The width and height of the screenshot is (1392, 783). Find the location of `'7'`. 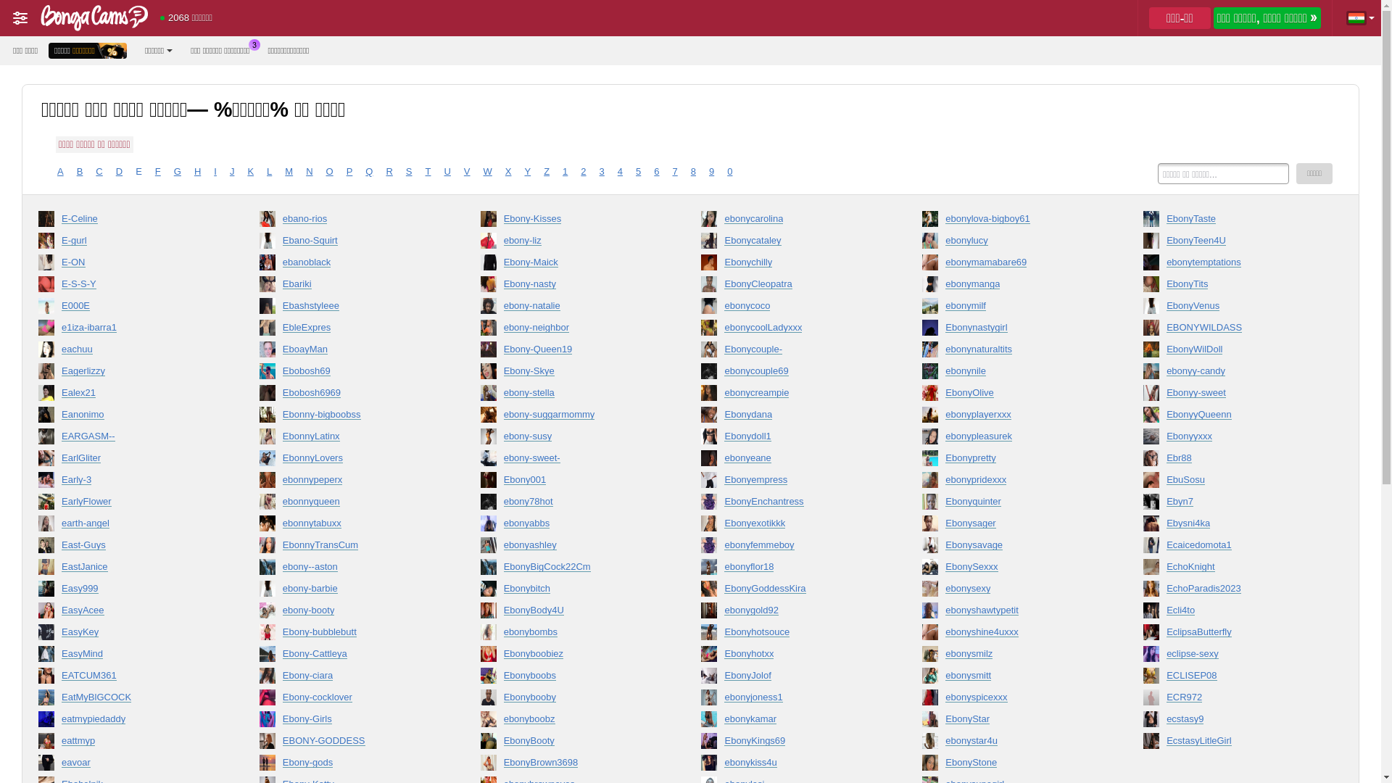

'7' is located at coordinates (674, 170).